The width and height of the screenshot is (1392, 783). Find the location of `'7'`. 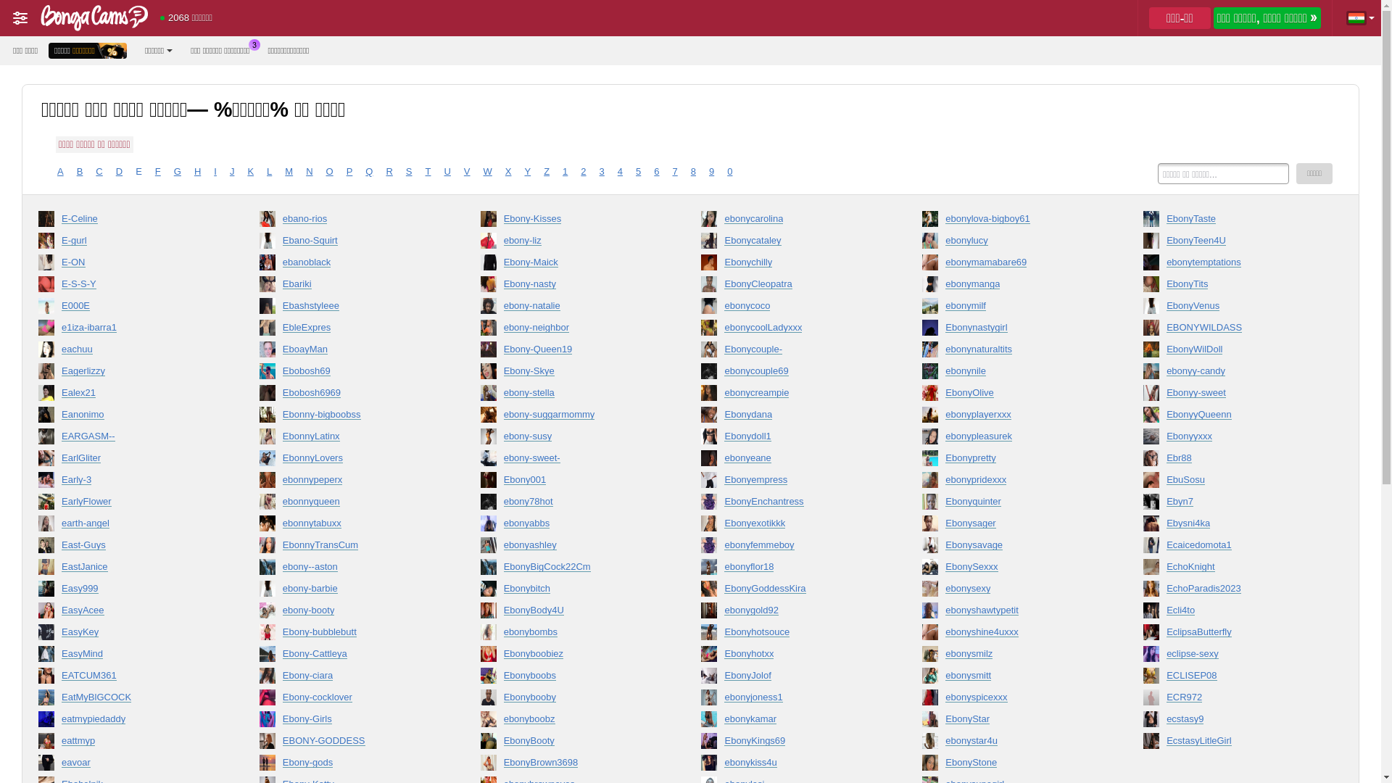

'7' is located at coordinates (674, 170).